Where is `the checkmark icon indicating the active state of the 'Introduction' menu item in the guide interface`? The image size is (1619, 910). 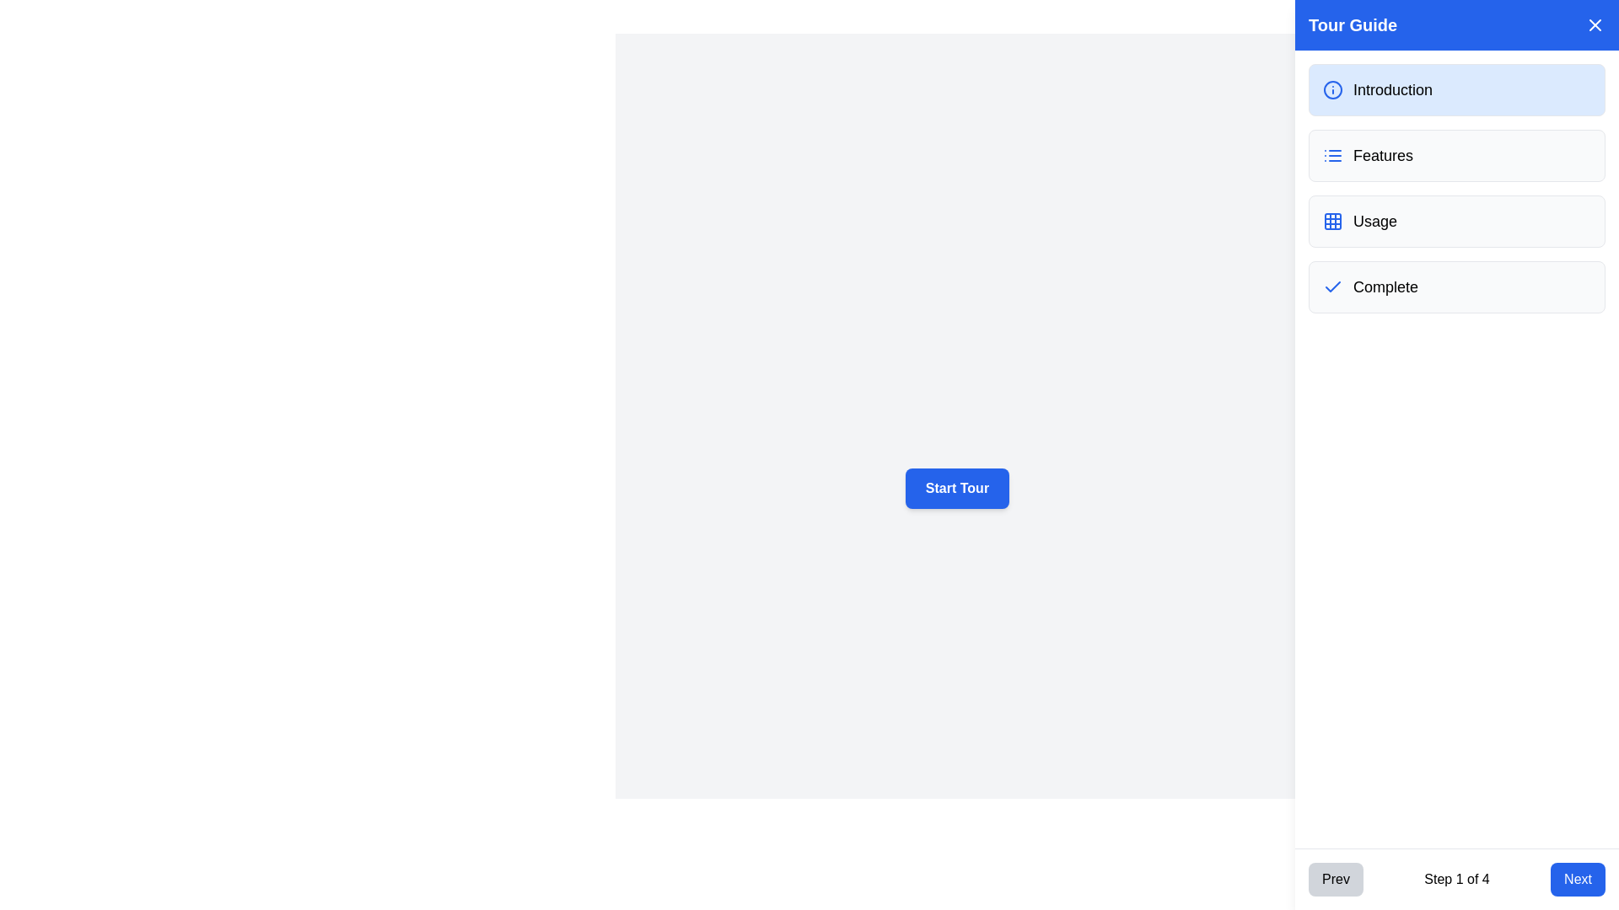
the checkmark icon indicating the active state of the 'Introduction' menu item in the guide interface is located at coordinates (1331, 286).